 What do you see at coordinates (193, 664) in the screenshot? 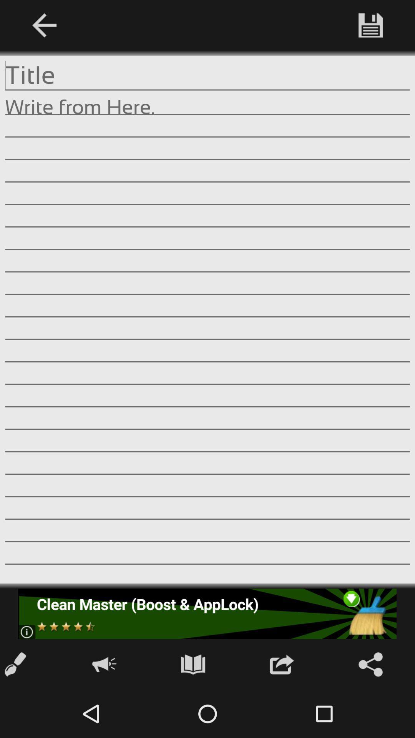
I see `the book icon` at bounding box center [193, 664].